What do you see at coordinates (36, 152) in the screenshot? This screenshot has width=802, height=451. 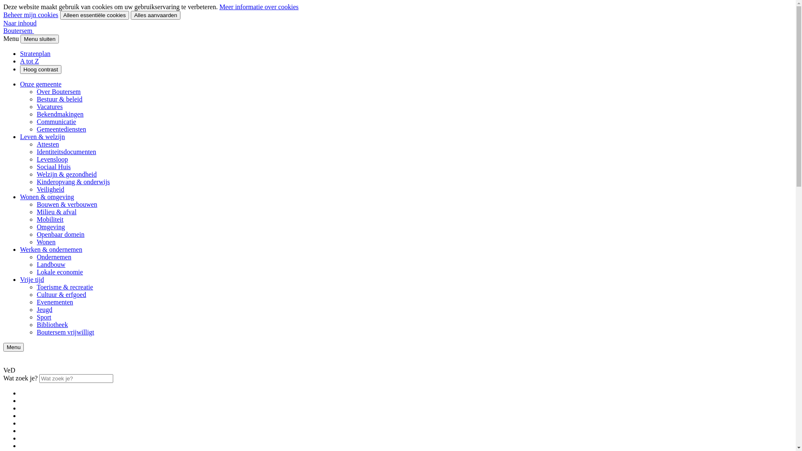 I see `'Identiteitsdocumenten'` at bounding box center [36, 152].